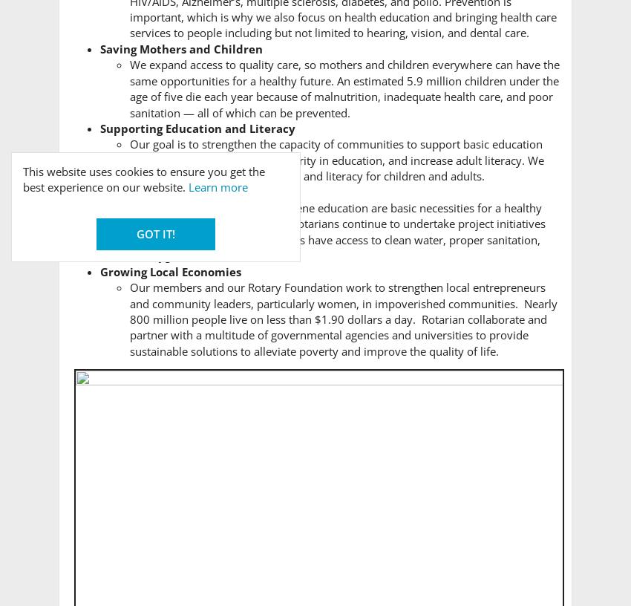  Describe the element at coordinates (129, 232) in the screenshot. I see `'Clean water, sanitation, and hygiene education are basic necessities for a healthy environment and good health.  Rotarians continue to undertake project initiatives worldwide to ensure communities have access to clean water, proper sanitation, and hygiene.'` at that location.